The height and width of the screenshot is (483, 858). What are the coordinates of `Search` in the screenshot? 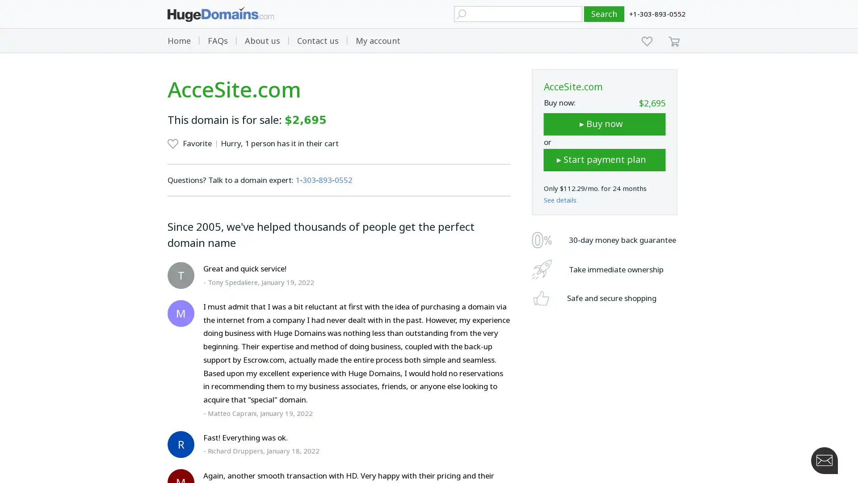 It's located at (604, 14).